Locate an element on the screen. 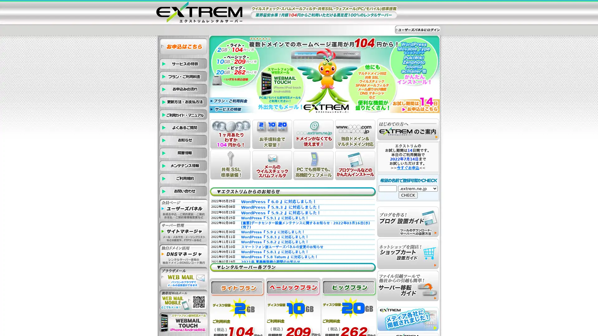 The image size is (598, 336). CHECK is located at coordinates (408, 195).